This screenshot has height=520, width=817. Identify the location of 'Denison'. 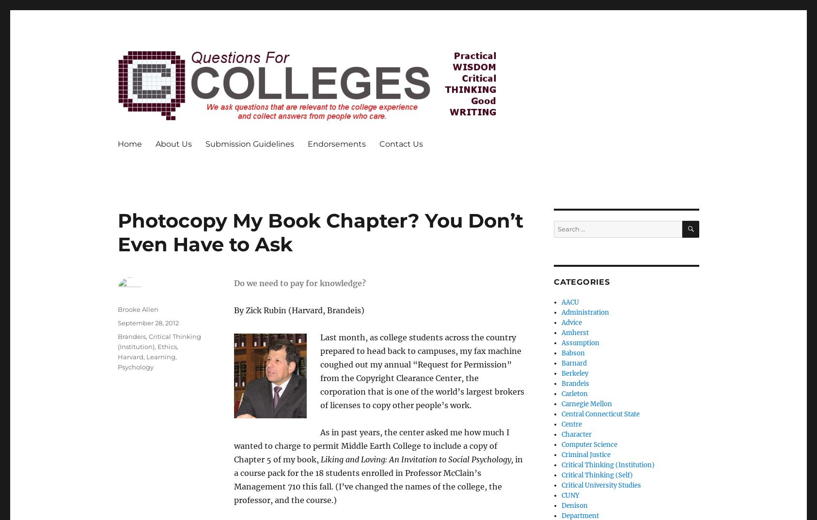
(574, 505).